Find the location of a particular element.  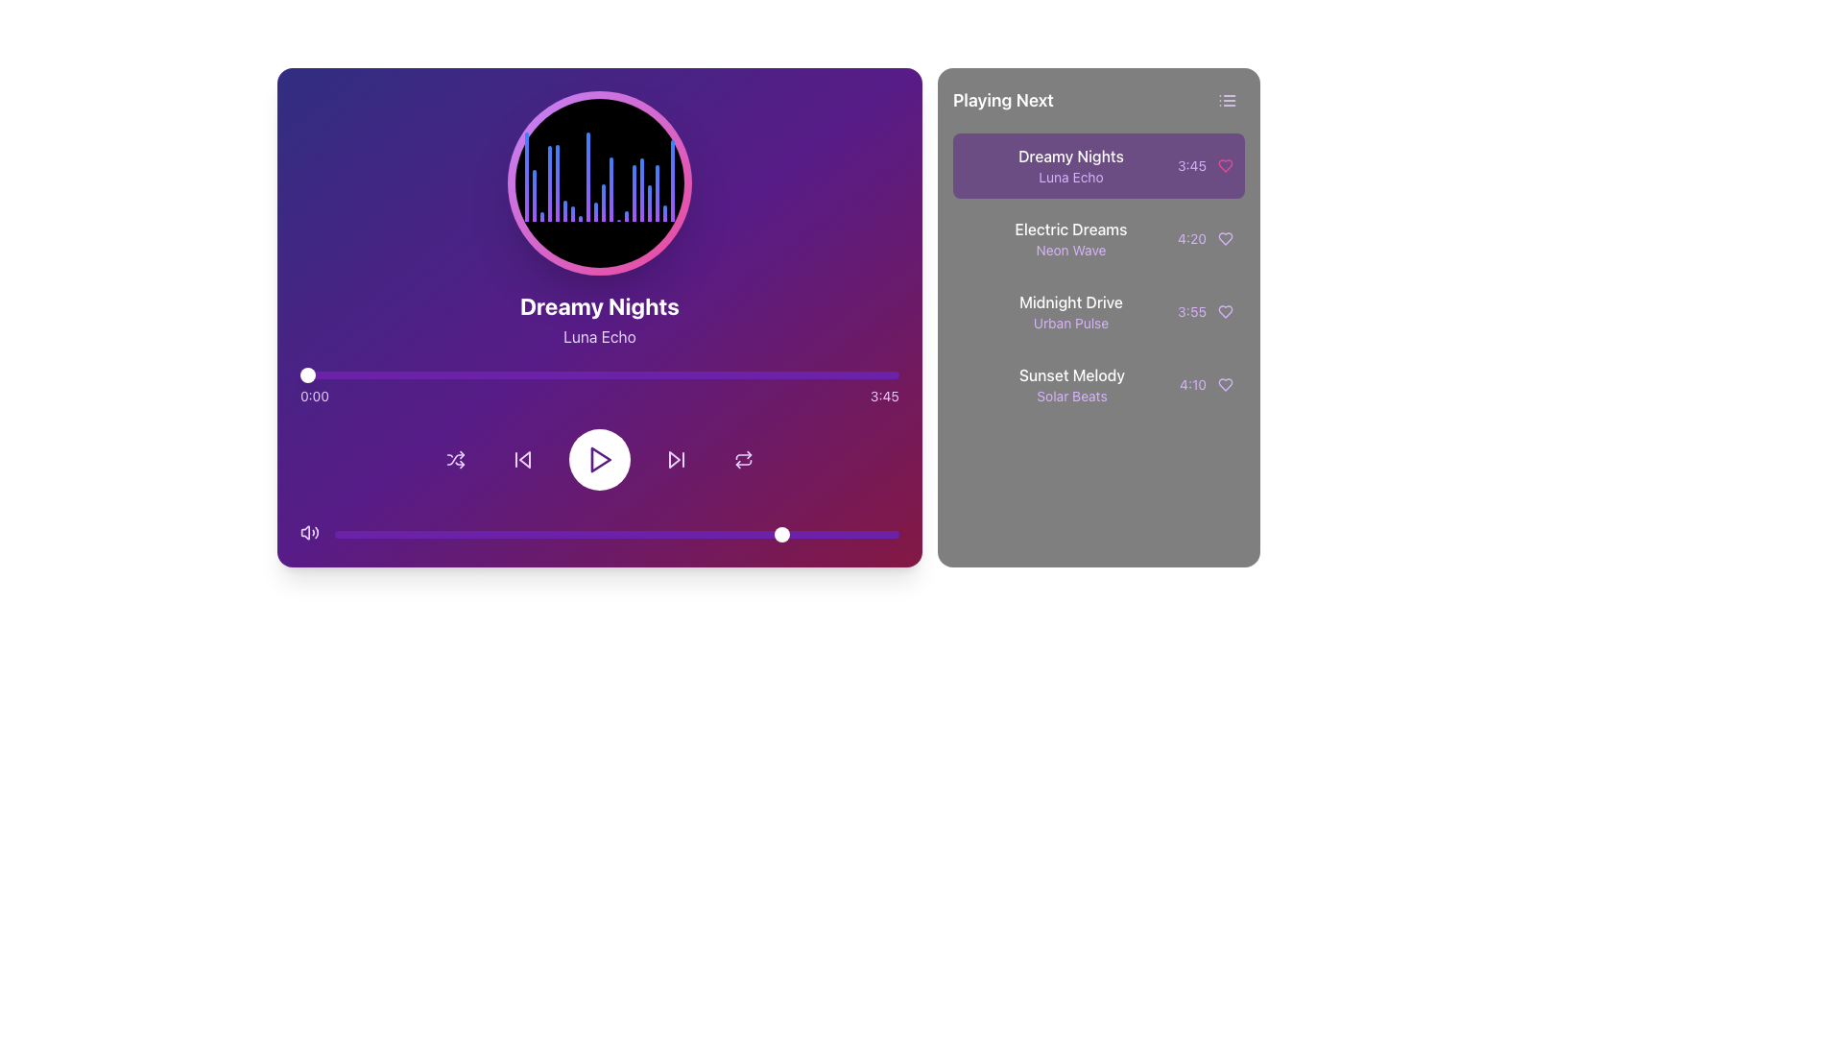

to select the 'Electric Dreams' text element, which is the second item in the 'Playing Next' panel, displaying a bold white title and a light purple subtitle, with a gray background is located at coordinates (1070, 238).